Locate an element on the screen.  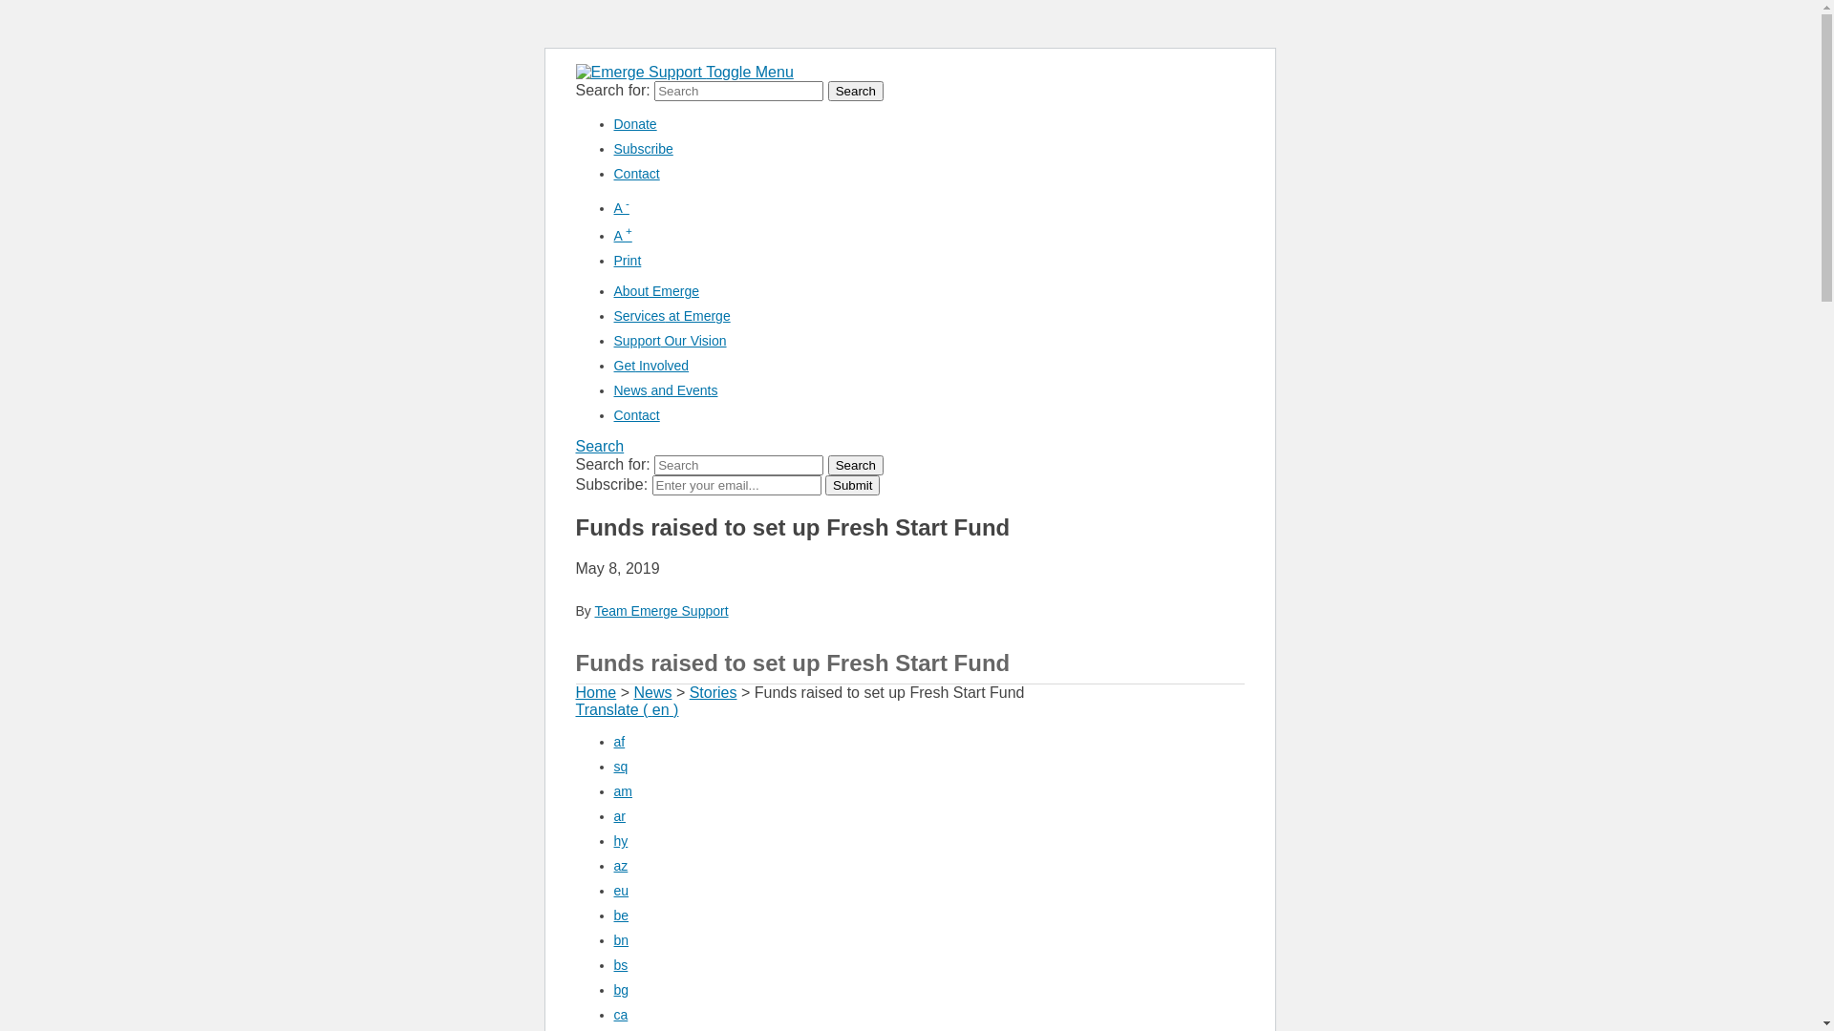
'am' is located at coordinates (622, 791).